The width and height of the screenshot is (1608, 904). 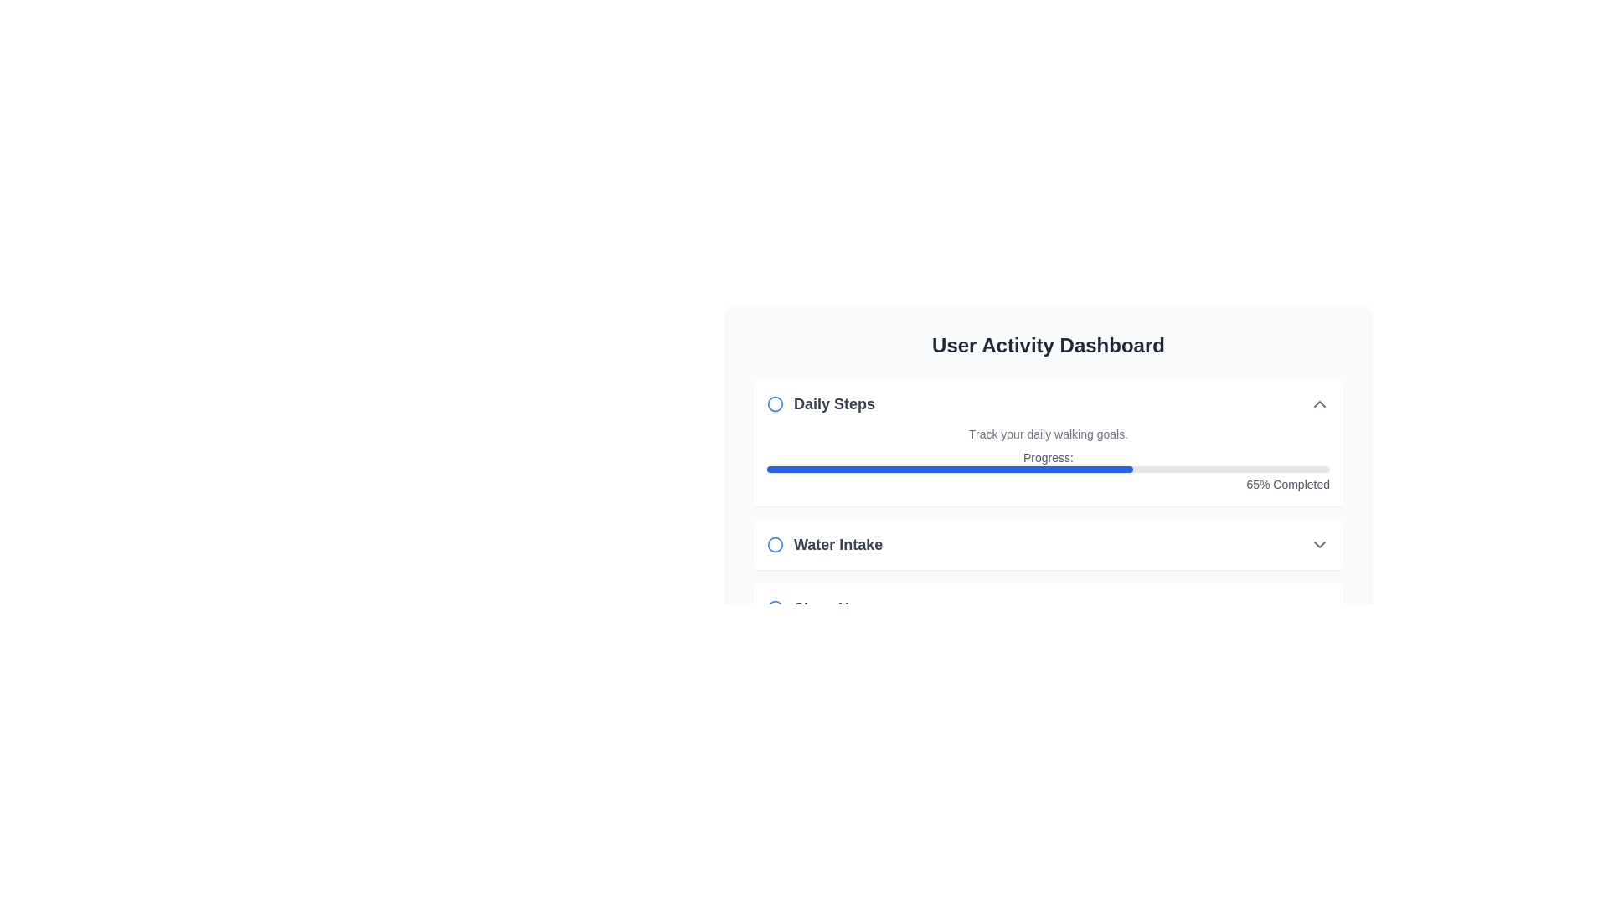 I want to click on the circular SVG icon, which is the third sibling among 'Daily Steps' and 'Water Intake' items in the bottom-left part of the UI panel, so click(x=775, y=608).